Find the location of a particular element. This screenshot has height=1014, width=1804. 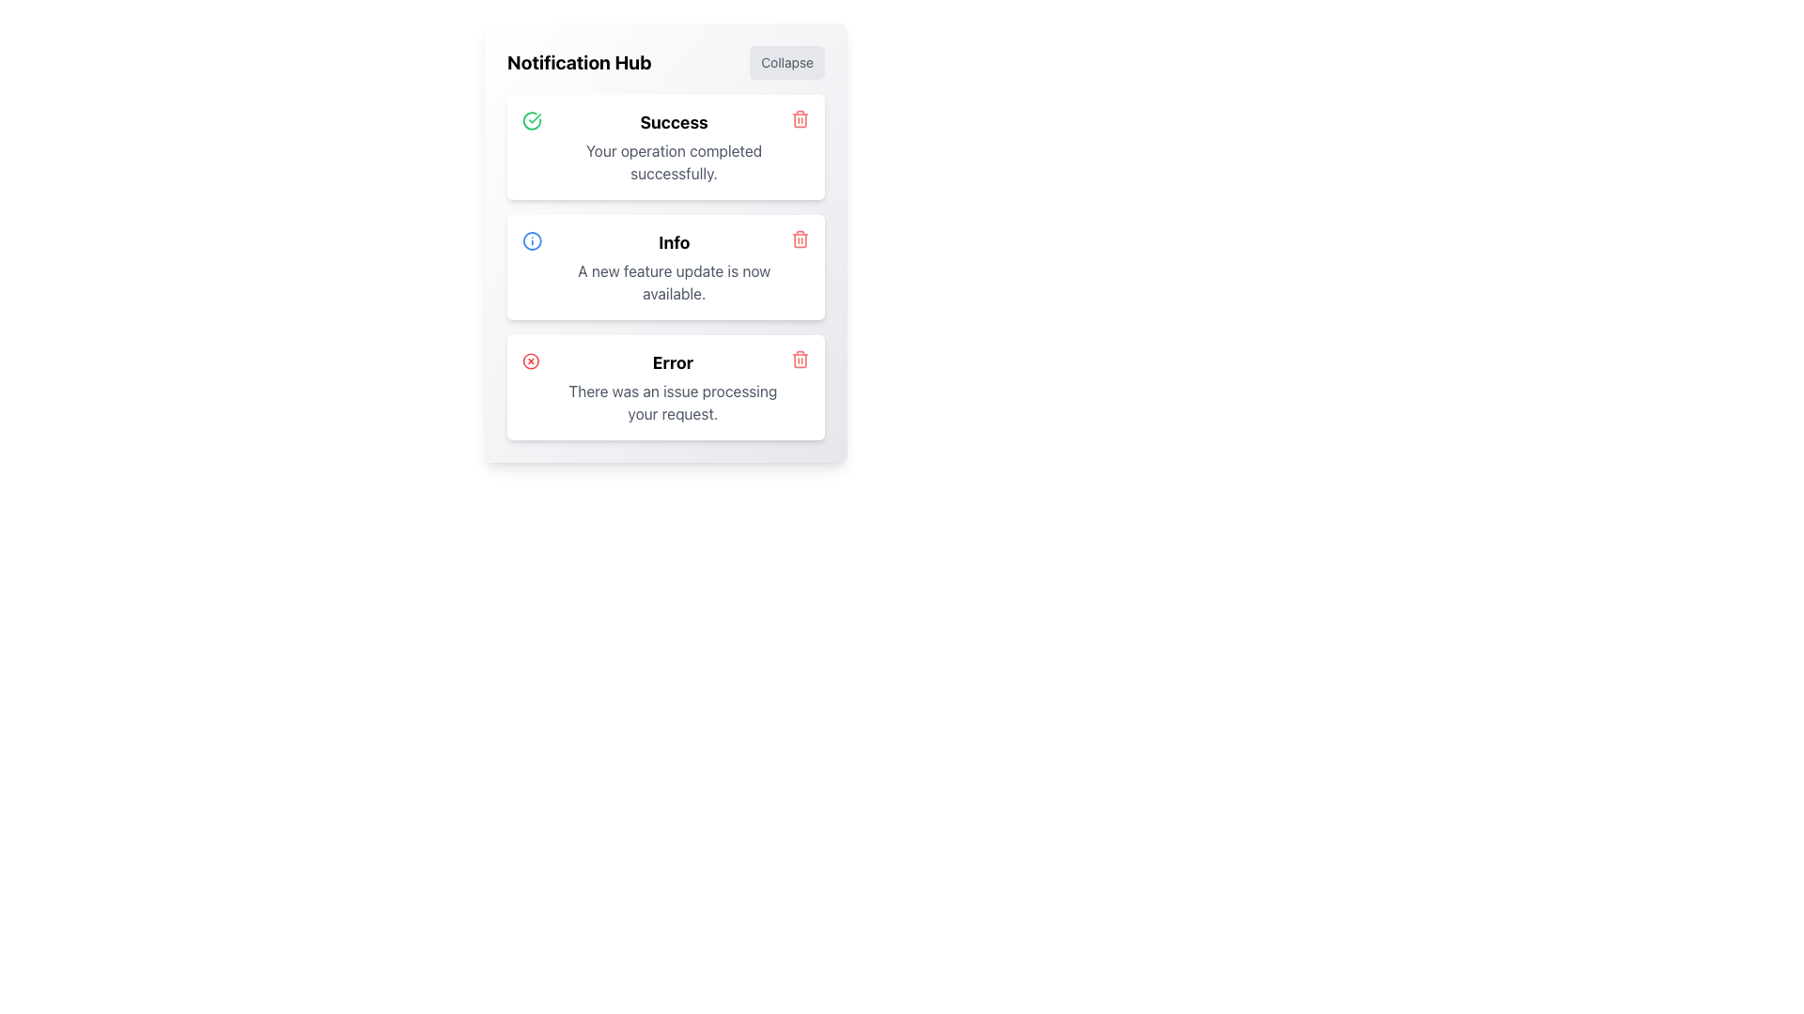

the text label displaying 'Your operation completed successfully.' which is located below the 'Success' heading in the first notification card of the 'Notification Hub' interface is located at coordinates (674, 161).